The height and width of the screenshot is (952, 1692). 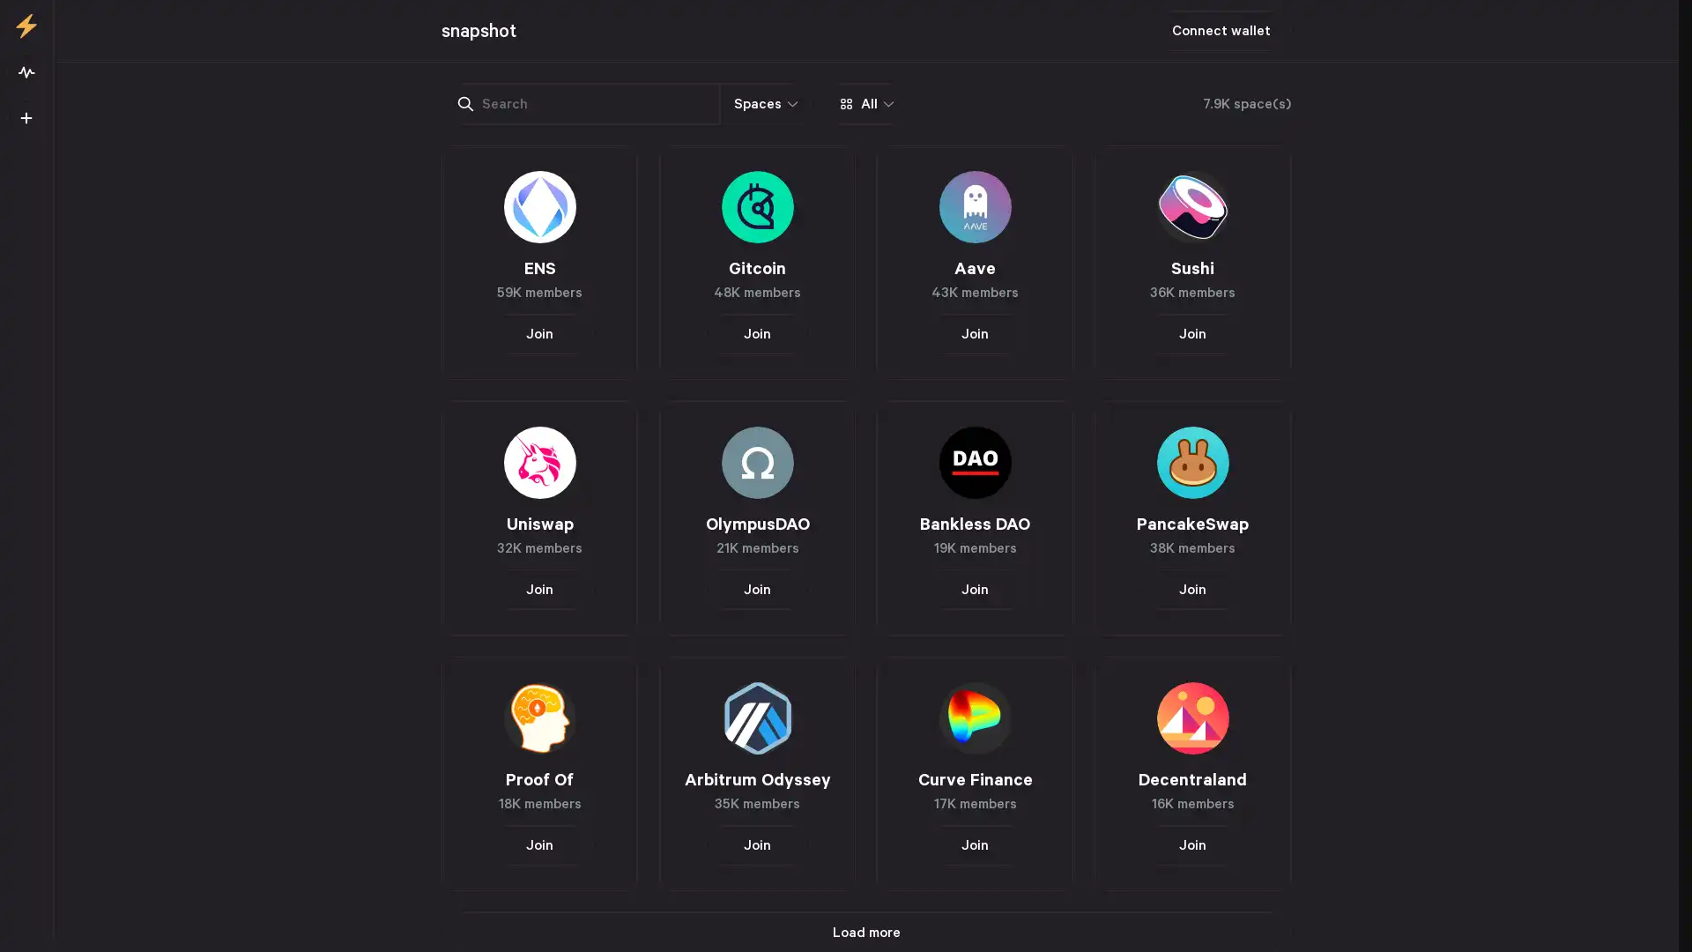 What do you see at coordinates (1192, 844) in the screenshot?
I see `Join` at bounding box center [1192, 844].